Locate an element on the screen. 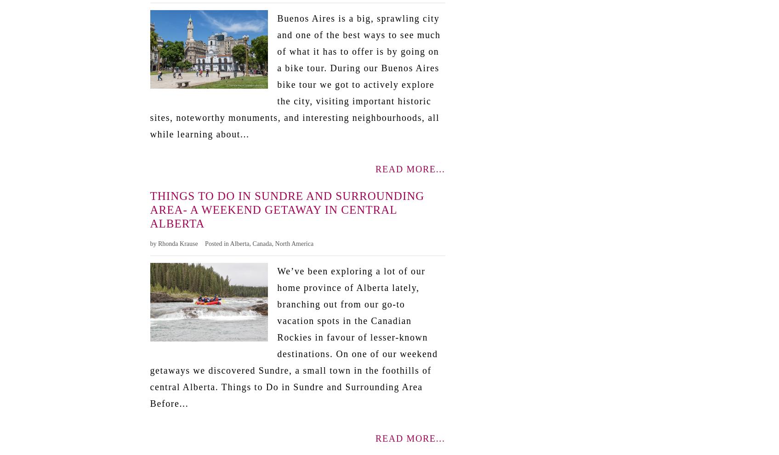 This screenshot has height=455, width=779. 'Things to Do in Sundre and Surrounding Area- A Weekend Getaway in Central Alberta' is located at coordinates (149, 209).